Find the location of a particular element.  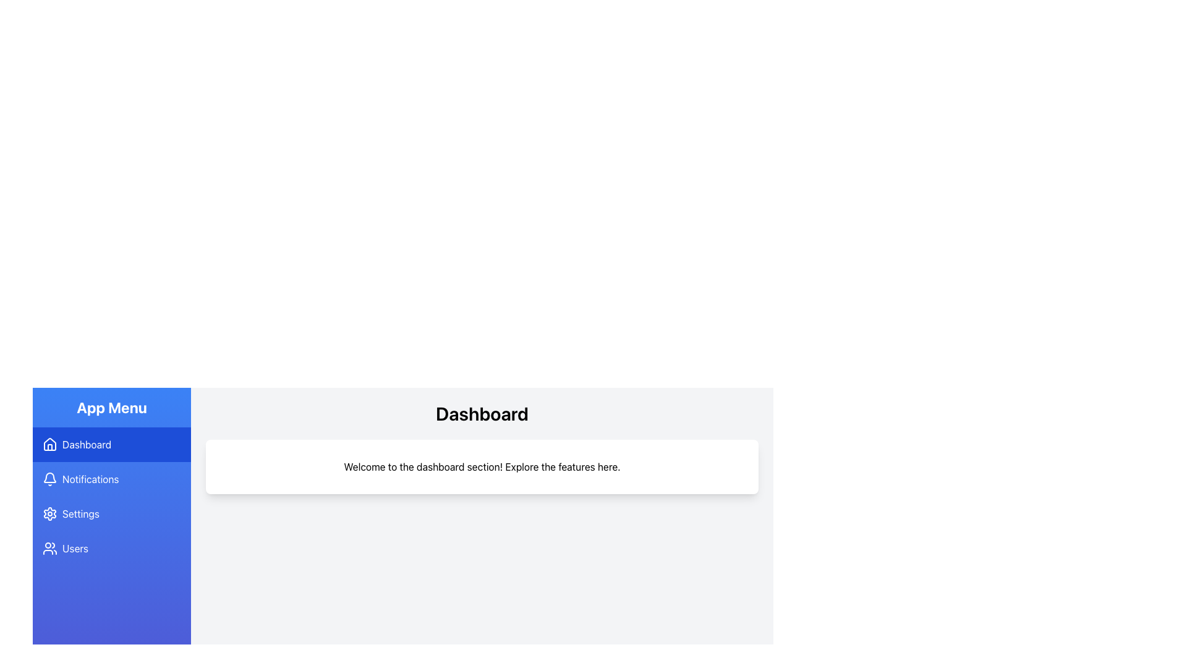

the 'Notifications' menu item in the sidebar, which is visually represented by the icon to the left of the text 'Notifications' is located at coordinates (49, 479).